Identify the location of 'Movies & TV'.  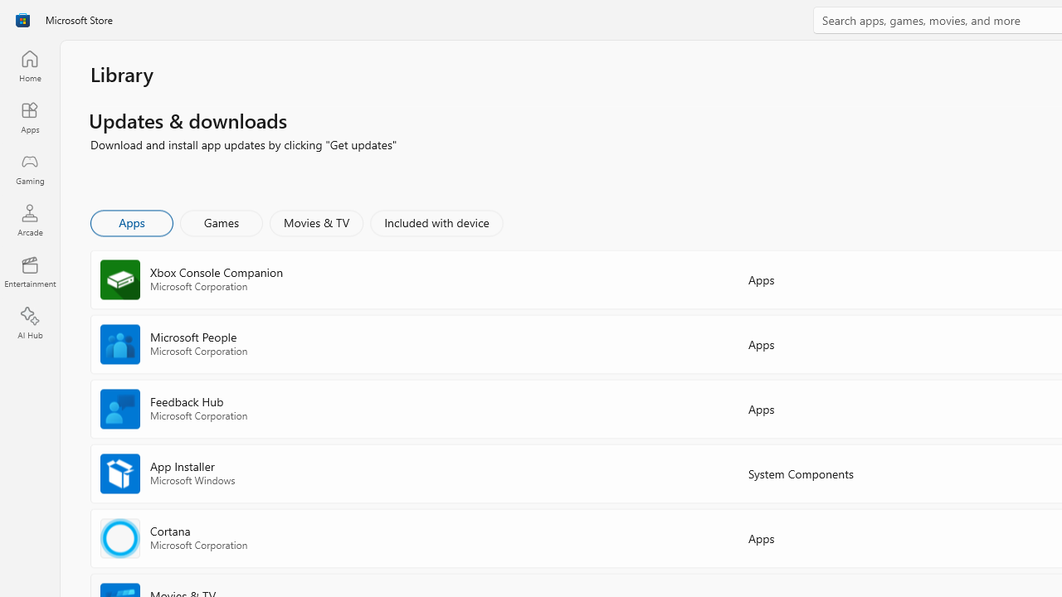
(316, 221).